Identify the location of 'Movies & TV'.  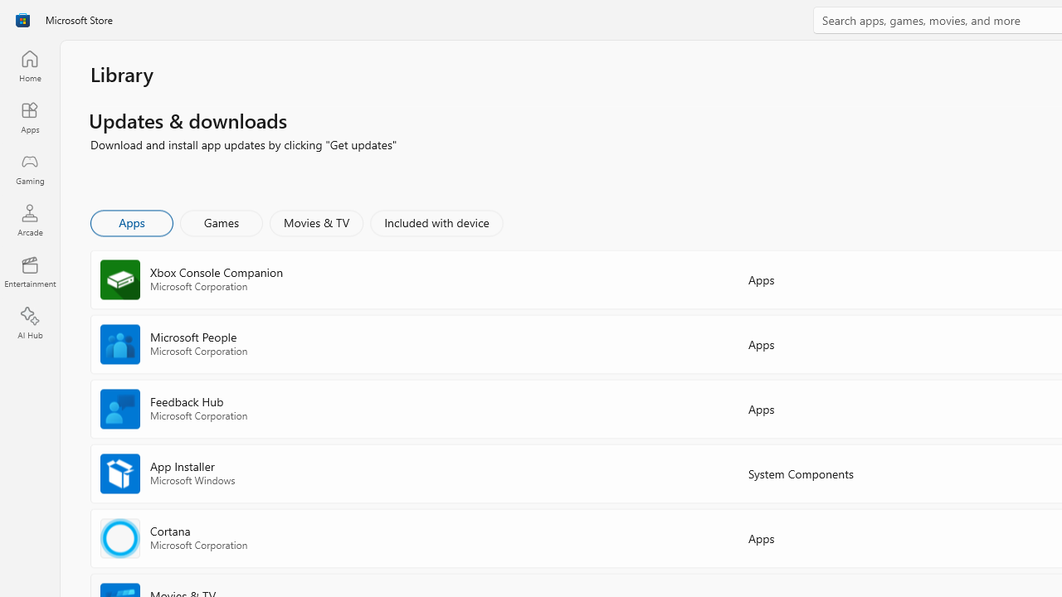
(316, 221).